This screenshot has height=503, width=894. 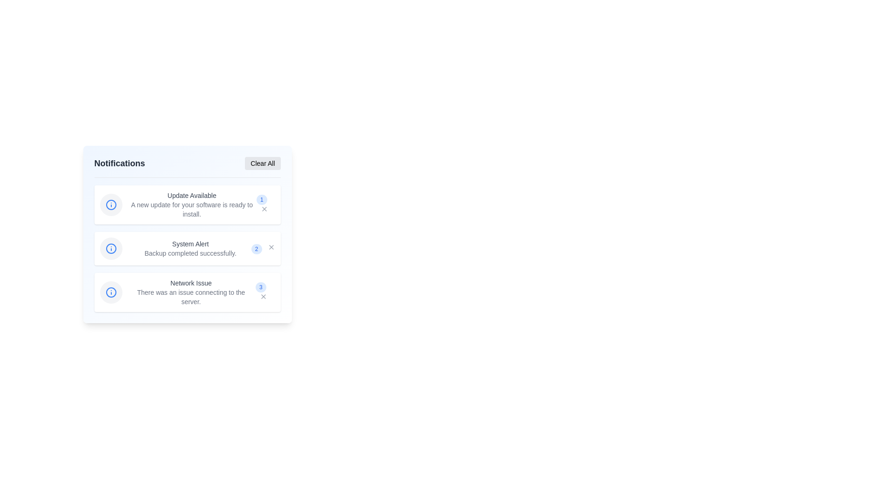 I want to click on the numerical value displayed on the badge located in the top-right area of the first notification item, which indicates the number of notifications related to the 'Update Available' text, so click(x=264, y=204).